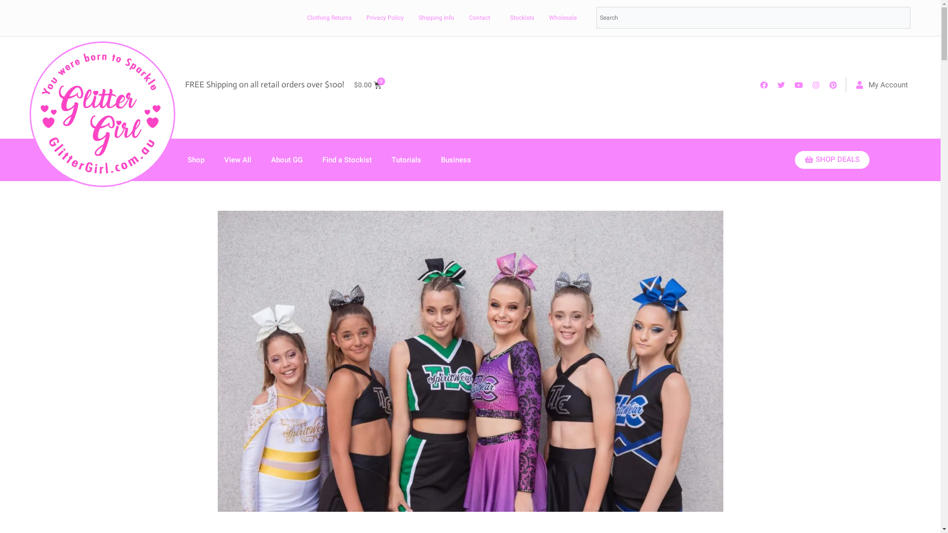 This screenshot has width=948, height=533. What do you see at coordinates (409, 17) in the screenshot?
I see `'Shipping Info'` at bounding box center [409, 17].